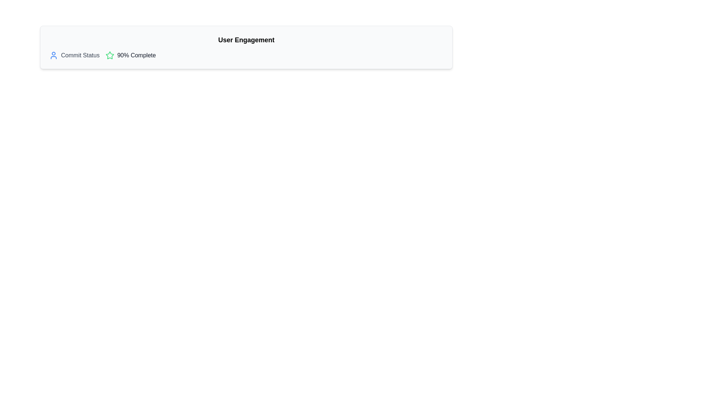 The image size is (706, 397). What do you see at coordinates (109, 55) in the screenshot?
I see `the stylized star icon with a green outline and hollow center, which is the second visual element from the left in the interface` at bounding box center [109, 55].